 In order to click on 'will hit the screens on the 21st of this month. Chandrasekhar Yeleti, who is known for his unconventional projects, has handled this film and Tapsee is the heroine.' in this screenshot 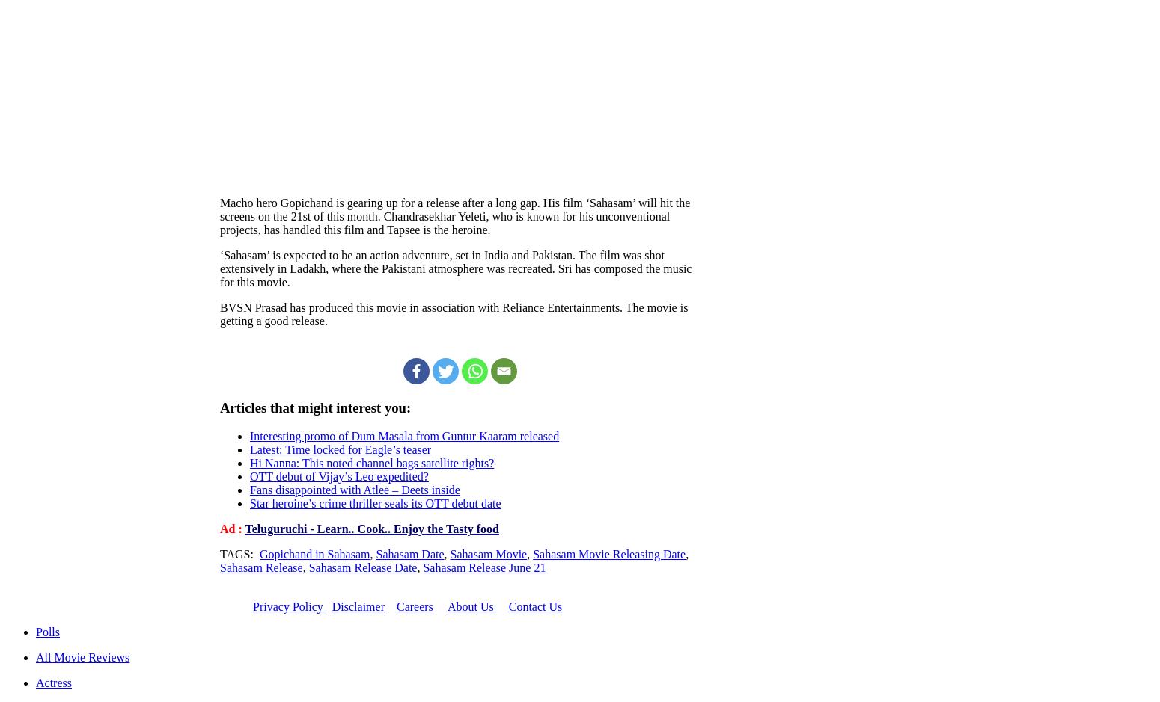, I will do `click(455, 215)`.